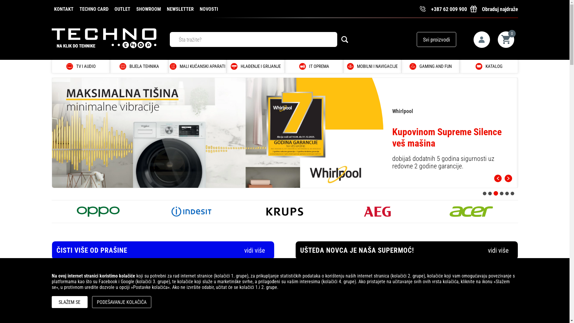 This screenshot has height=323, width=574. Describe the element at coordinates (506, 193) in the screenshot. I see `'5'` at that location.